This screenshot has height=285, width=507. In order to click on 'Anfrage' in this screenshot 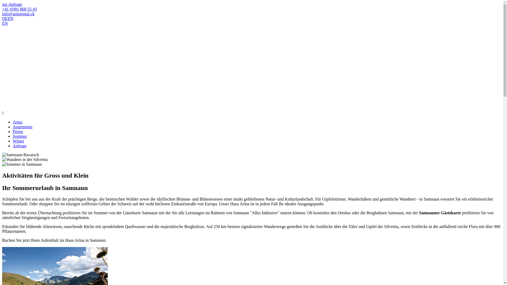, I will do `click(13, 146)`.